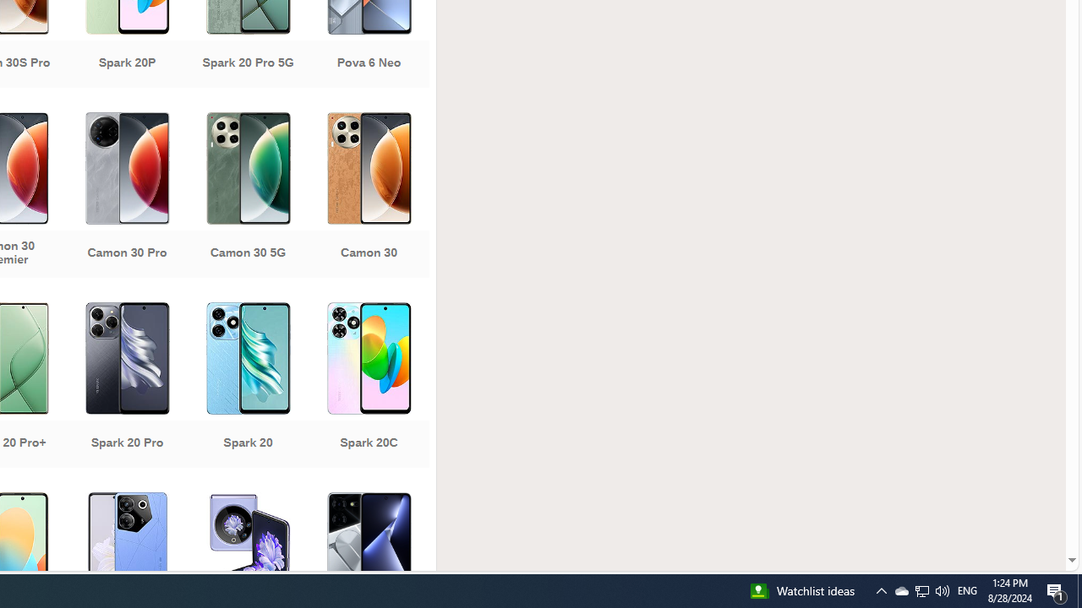 The width and height of the screenshot is (1082, 608). I want to click on 'Camon 30', so click(368, 196).